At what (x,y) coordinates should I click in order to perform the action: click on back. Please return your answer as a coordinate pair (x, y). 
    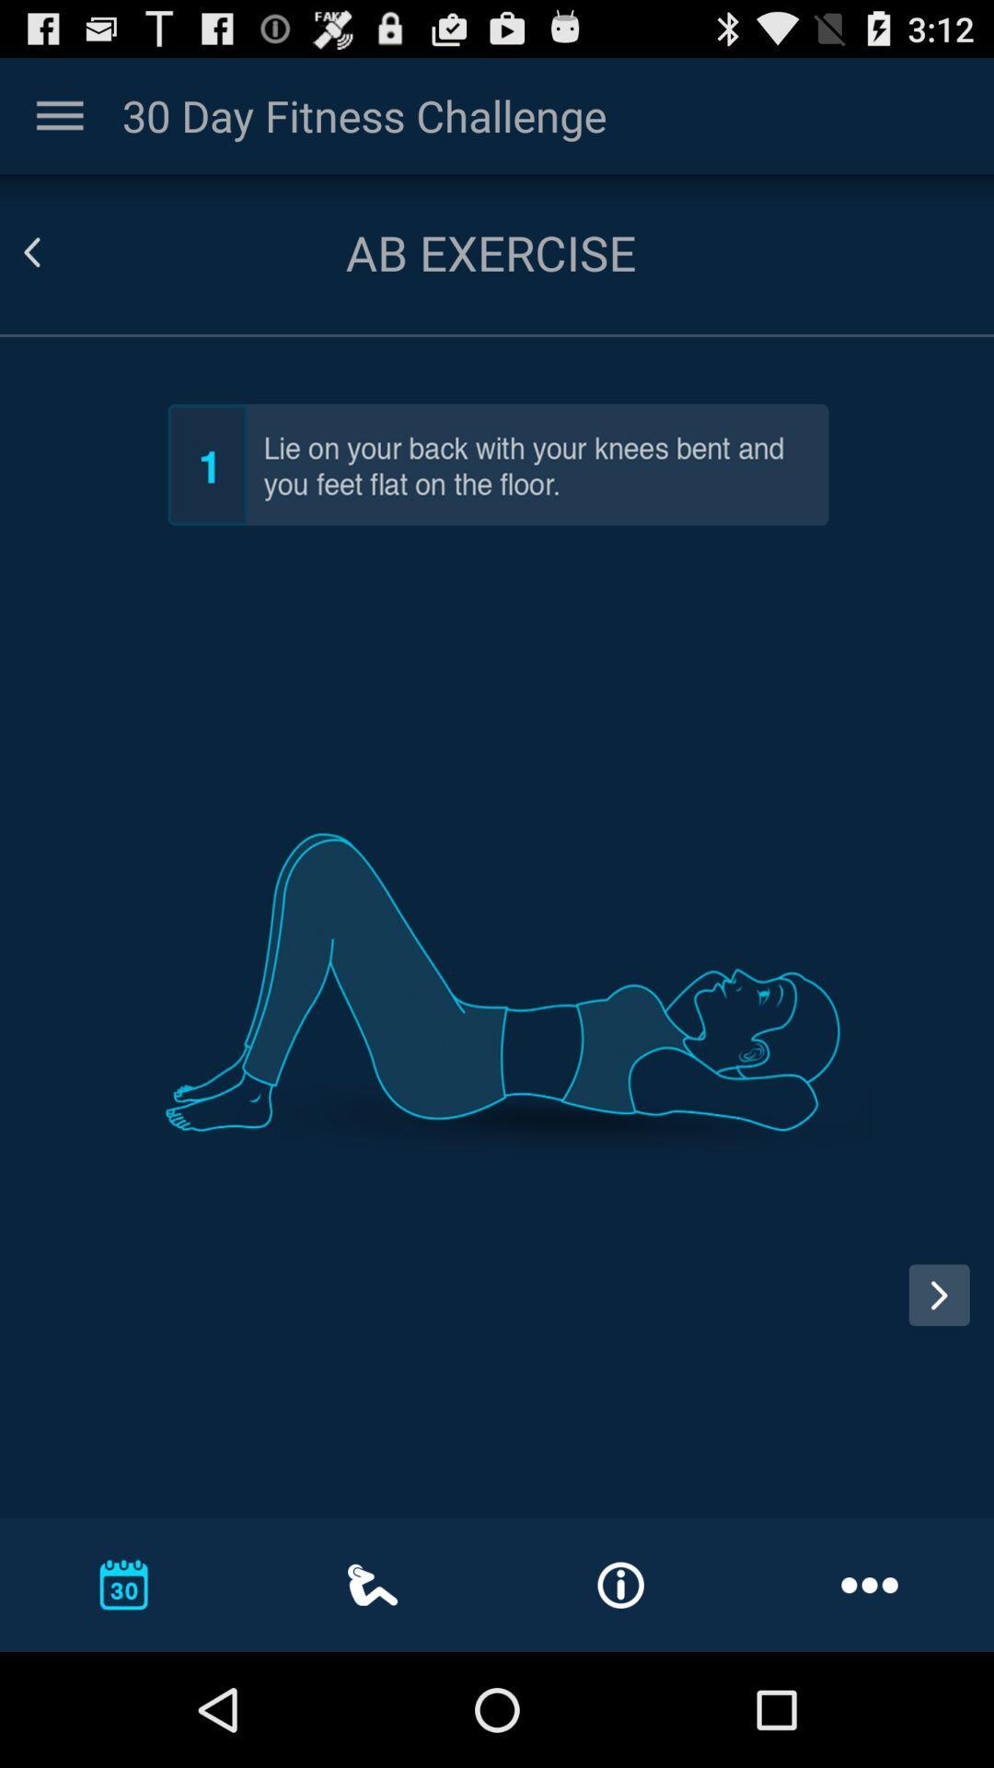
    Looking at the image, I should click on (53, 251).